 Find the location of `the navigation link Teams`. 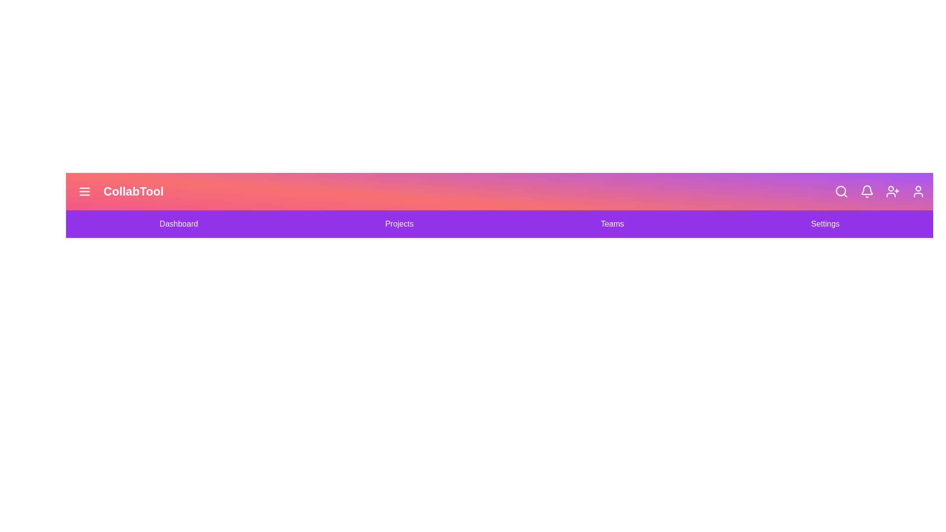

the navigation link Teams is located at coordinates (611, 224).